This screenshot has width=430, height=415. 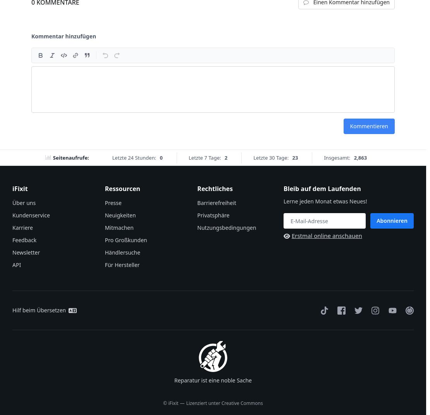 I want to click on '© iFixit', so click(x=170, y=403).